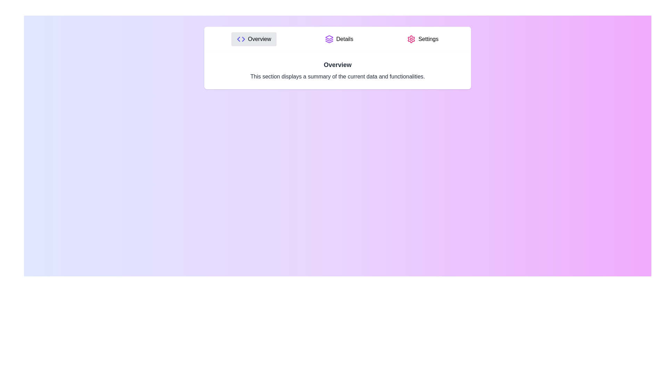  I want to click on the leftward segment of the chevron symbol in the SVG that is located above the 'Overview' tab, so click(238, 39).